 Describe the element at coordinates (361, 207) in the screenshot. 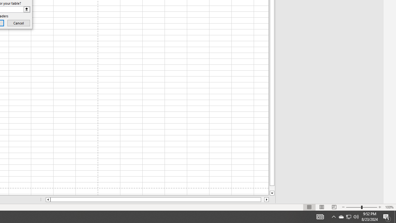

I see `'Zoom'` at that location.